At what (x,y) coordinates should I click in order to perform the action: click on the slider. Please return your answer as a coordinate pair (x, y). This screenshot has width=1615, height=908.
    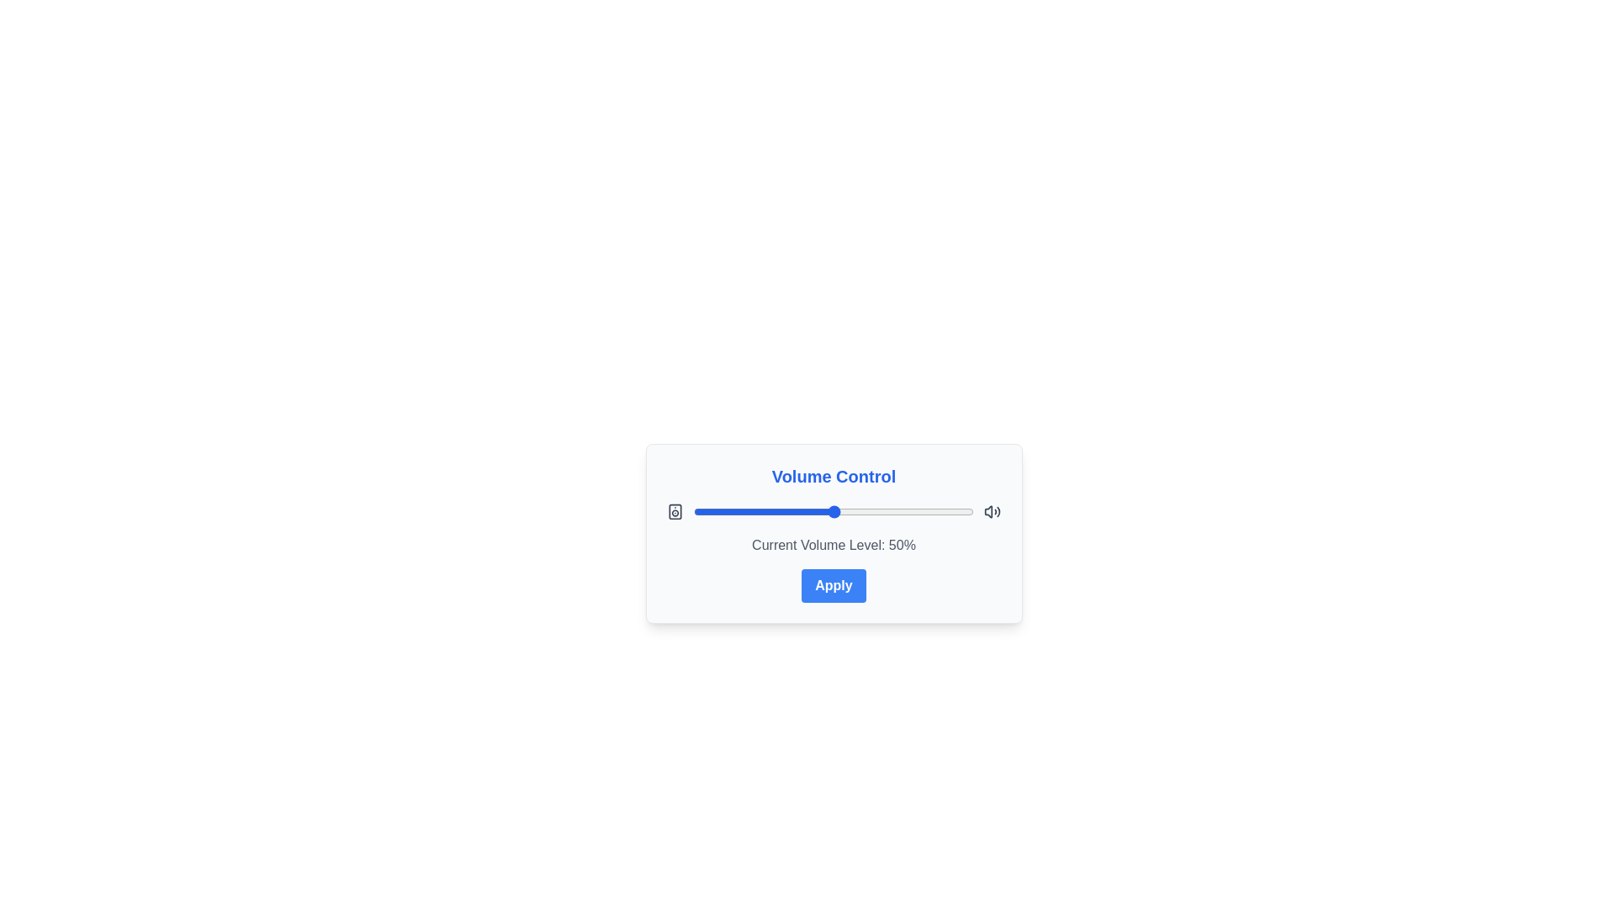
    Looking at the image, I should click on (940, 511).